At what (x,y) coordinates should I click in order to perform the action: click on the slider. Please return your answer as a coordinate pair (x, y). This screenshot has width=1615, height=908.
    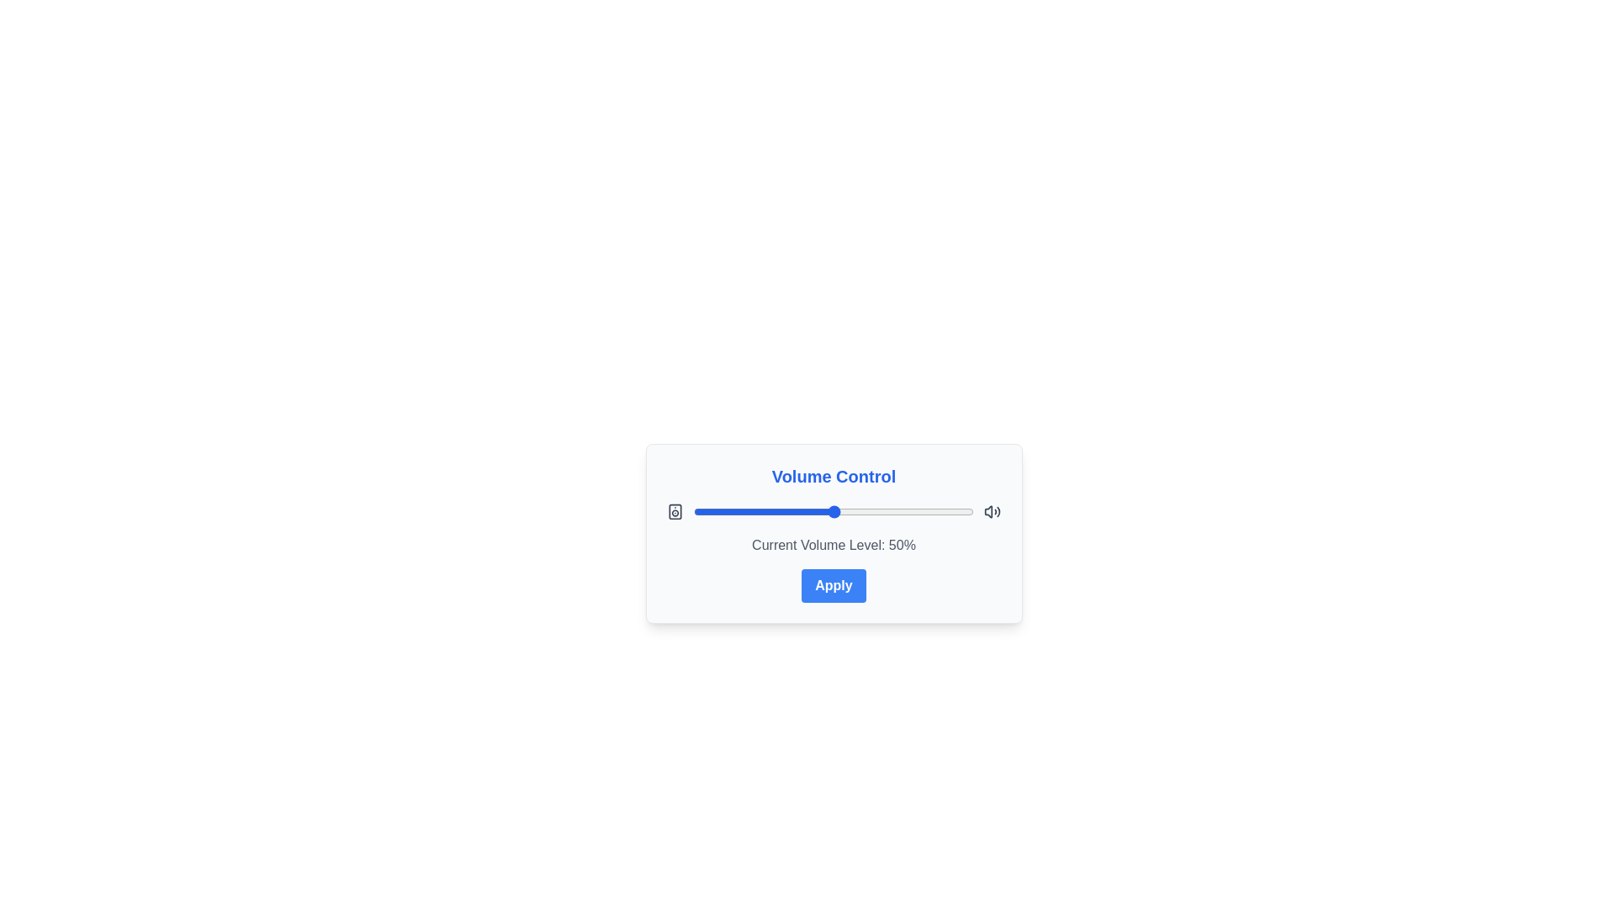
    Looking at the image, I should click on (940, 511).